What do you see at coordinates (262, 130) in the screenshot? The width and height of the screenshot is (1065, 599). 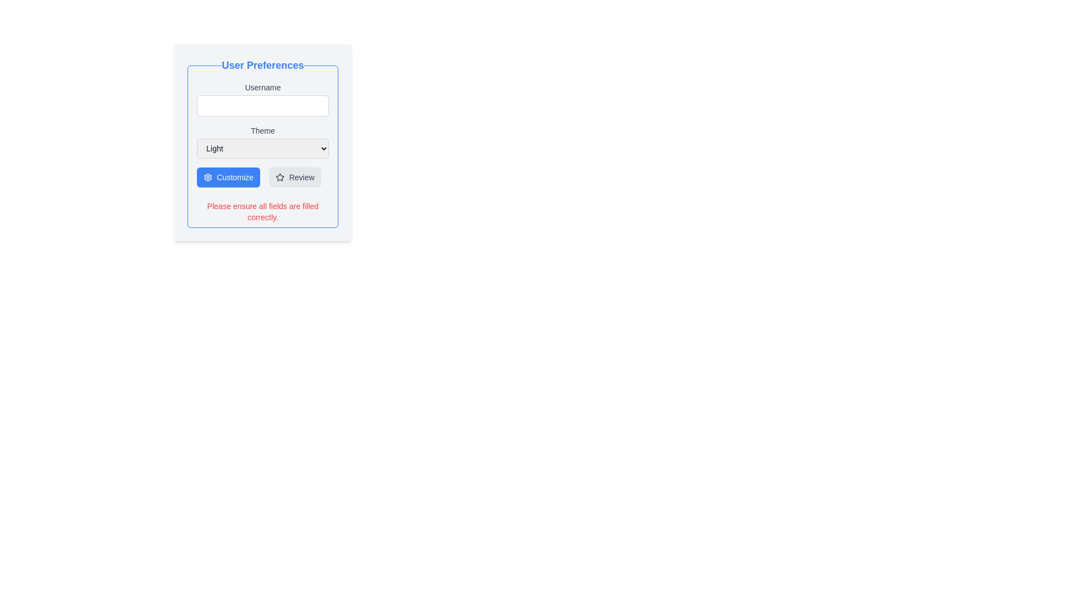 I see `the 'Theme' text label, which is centrally positioned above the dropdown menu and below the 'Username' text field in the interface` at bounding box center [262, 130].